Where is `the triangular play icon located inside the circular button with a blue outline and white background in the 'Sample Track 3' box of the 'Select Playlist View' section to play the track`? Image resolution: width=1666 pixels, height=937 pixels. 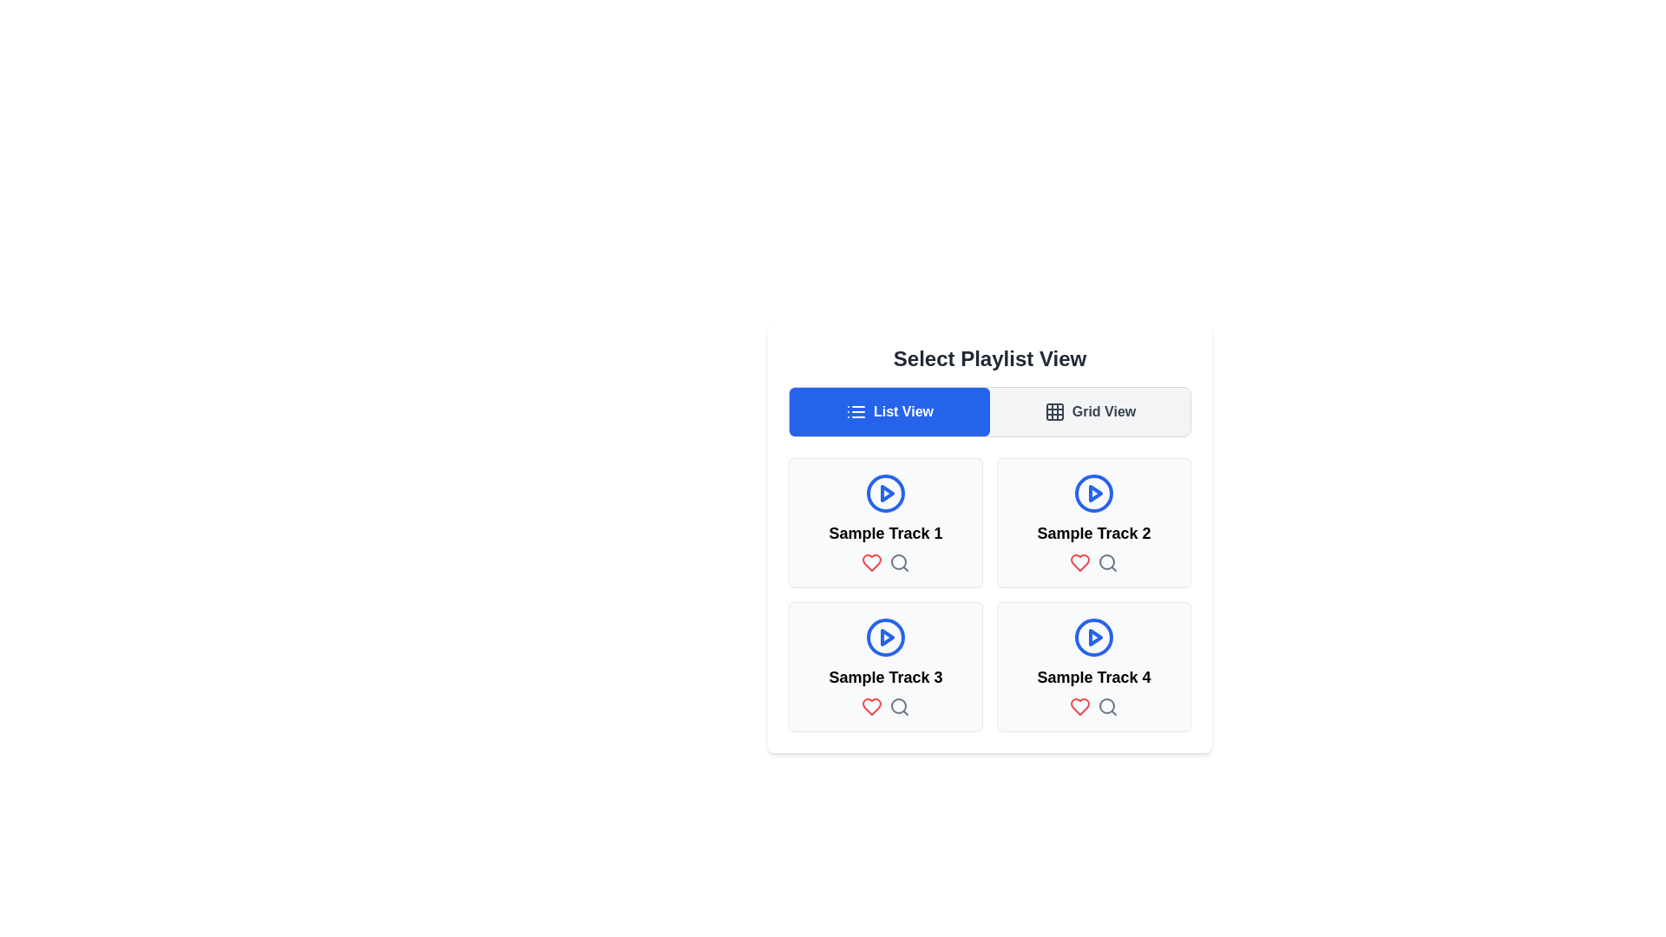 the triangular play icon located inside the circular button with a blue outline and white background in the 'Sample Track 3' box of the 'Select Playlist View' section to play the track is located at coordinates (887, 638).